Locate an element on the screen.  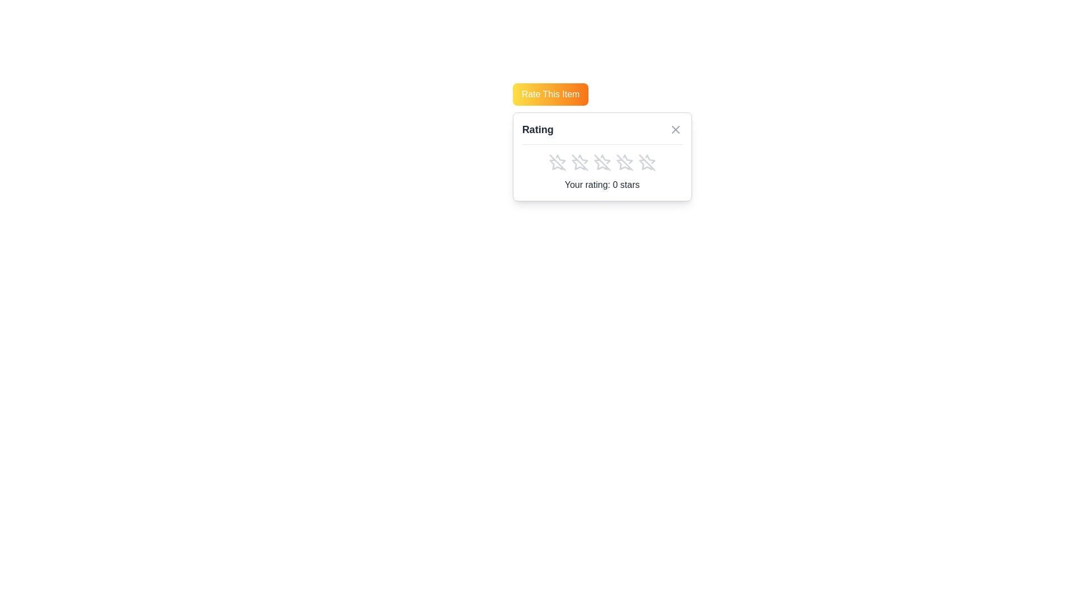
the Text Label element that serves as a title or heading for the rating interface in the popup card, located at the top-left corner and aligned left among its siblings is located at coordinates (537, 129).